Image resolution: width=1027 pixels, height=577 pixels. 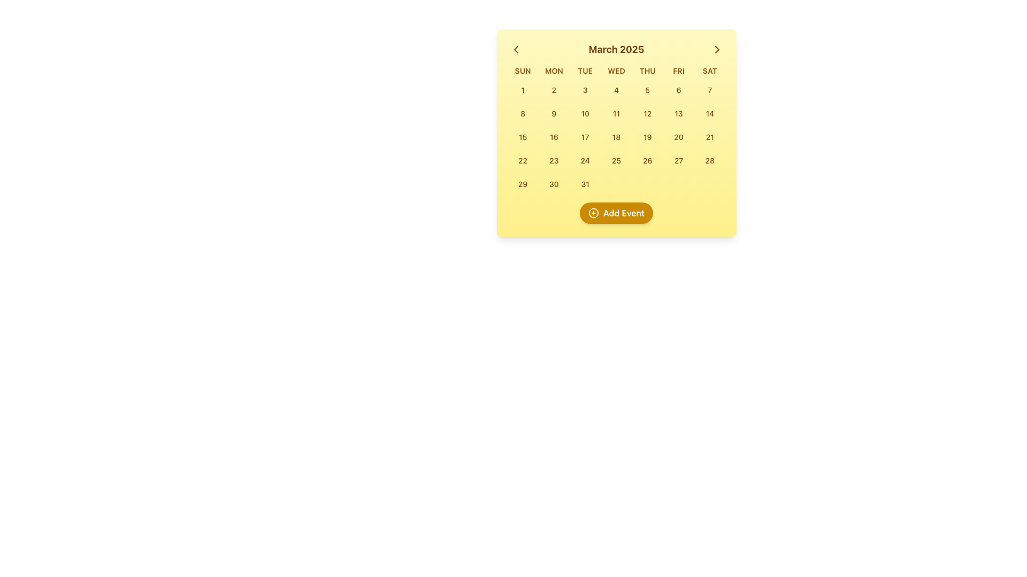 What do you see at coordinates (710, 71) in the screenshot?
I see `text 'SAT' displayed in uppercase with a bold font weight and dark yellow color, located as the last item in the row of abbreviated weekday names at the top of the calendar interface` at bounding box center [710, 71].